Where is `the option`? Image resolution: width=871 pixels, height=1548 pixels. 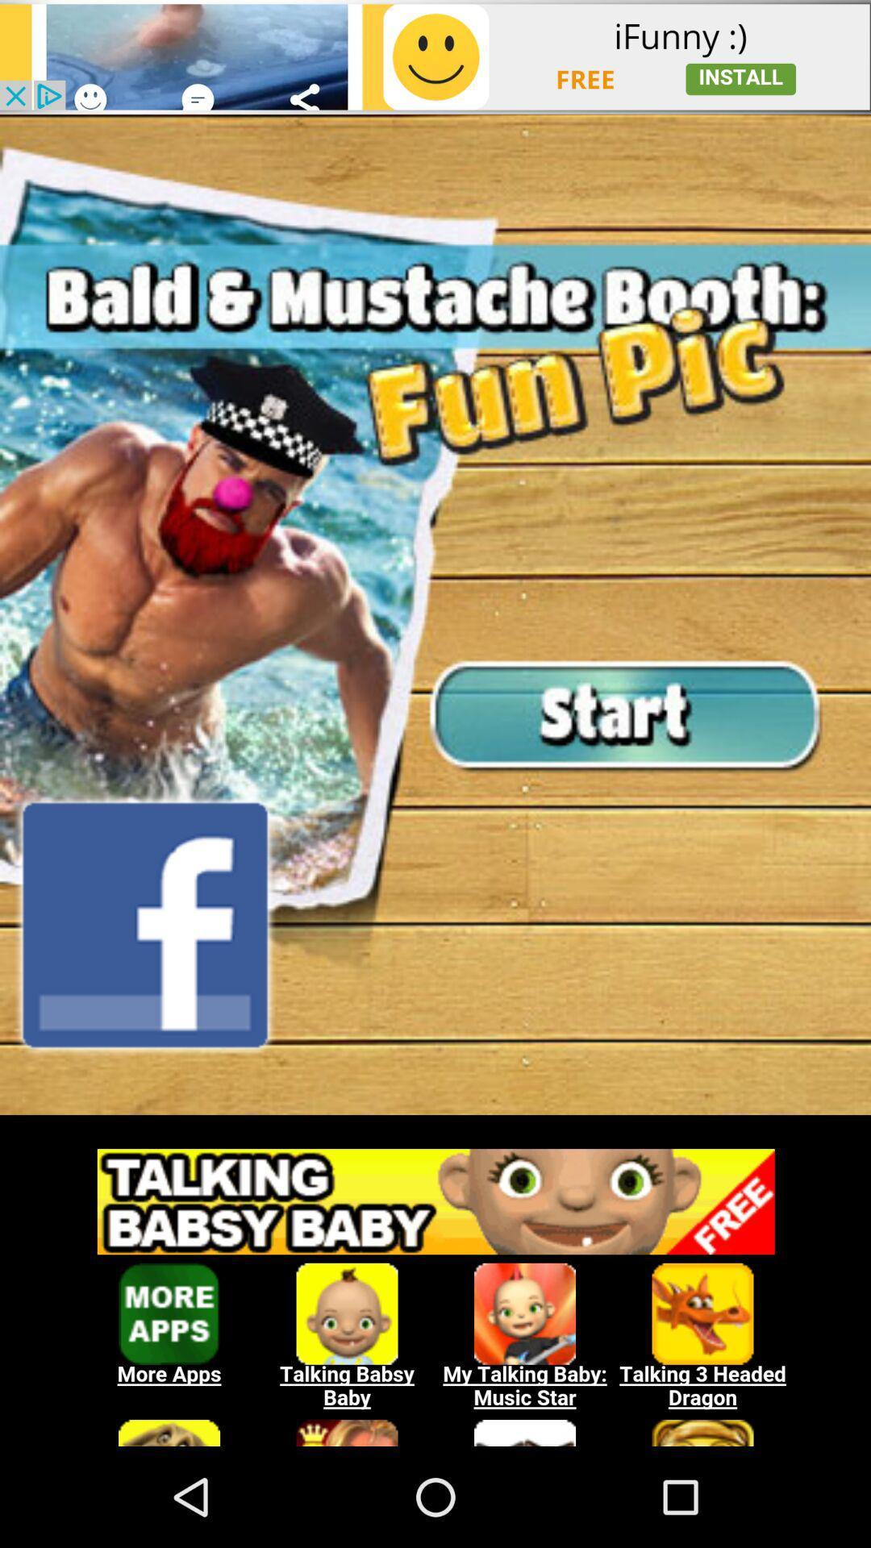 the option is located at coordinates (435, 1288).